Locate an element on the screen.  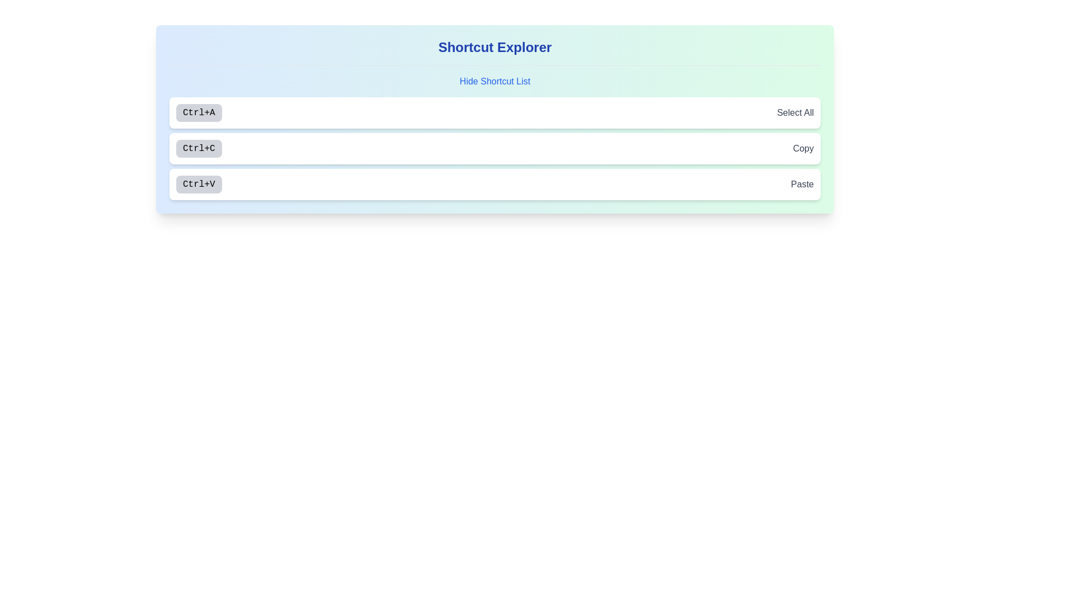
the 'Paste' label associated with the shortcut key 'Ctrl+V' in the 'Shortcut Explorer' panel is located at coordinates (802, 184).